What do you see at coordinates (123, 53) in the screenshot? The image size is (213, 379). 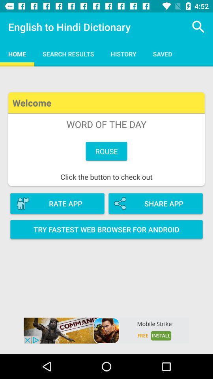 I see `the history tab` at bounding box center [123, 53].